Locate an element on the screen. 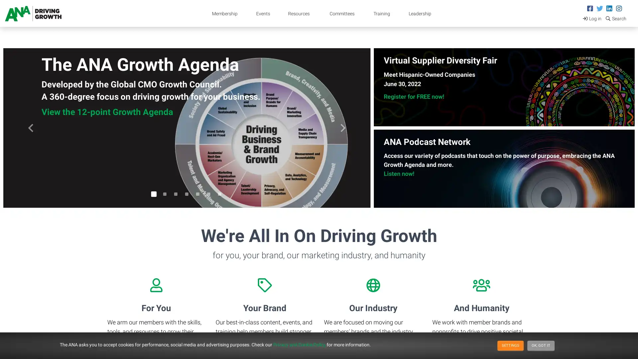 This screenshot has width=638, height=359. keyboard_arrow_right Next is located at coordinates (343, 128).